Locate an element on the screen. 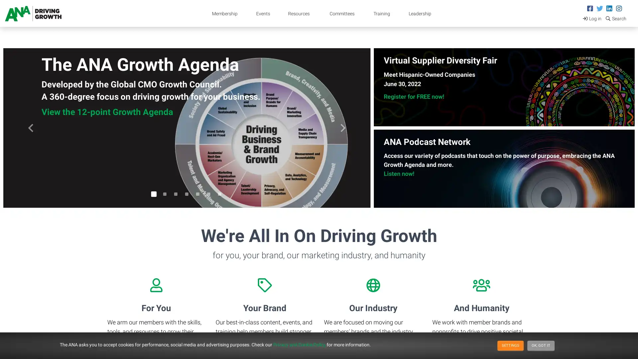 This screenshot has width=638, height=359. keyboard_arrow_right Next is located at coordinates (343, 128).